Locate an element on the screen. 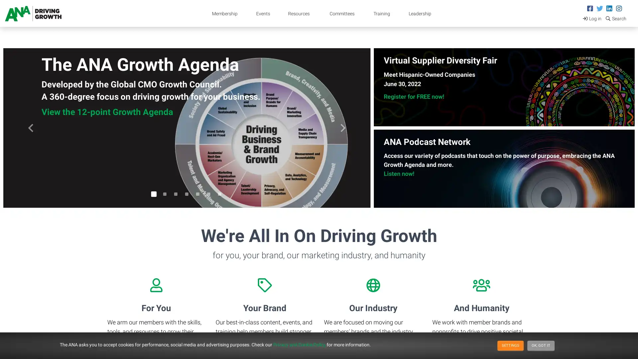 This screenshot has width=638, height=359. keyboard_arrow_right Next is located at coordinates (343, 128).